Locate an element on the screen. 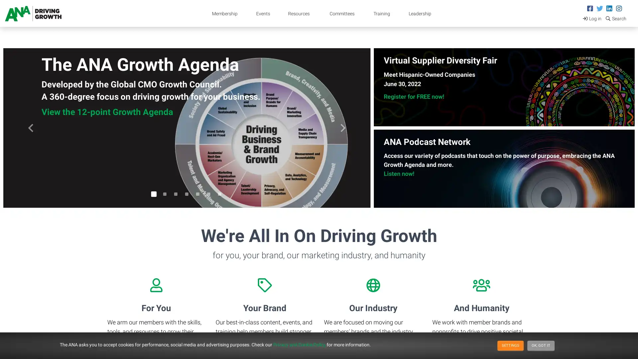 This screenshot has width=638, height=359. keyboard_arrow_right Next is located at coordinates (343, 128).